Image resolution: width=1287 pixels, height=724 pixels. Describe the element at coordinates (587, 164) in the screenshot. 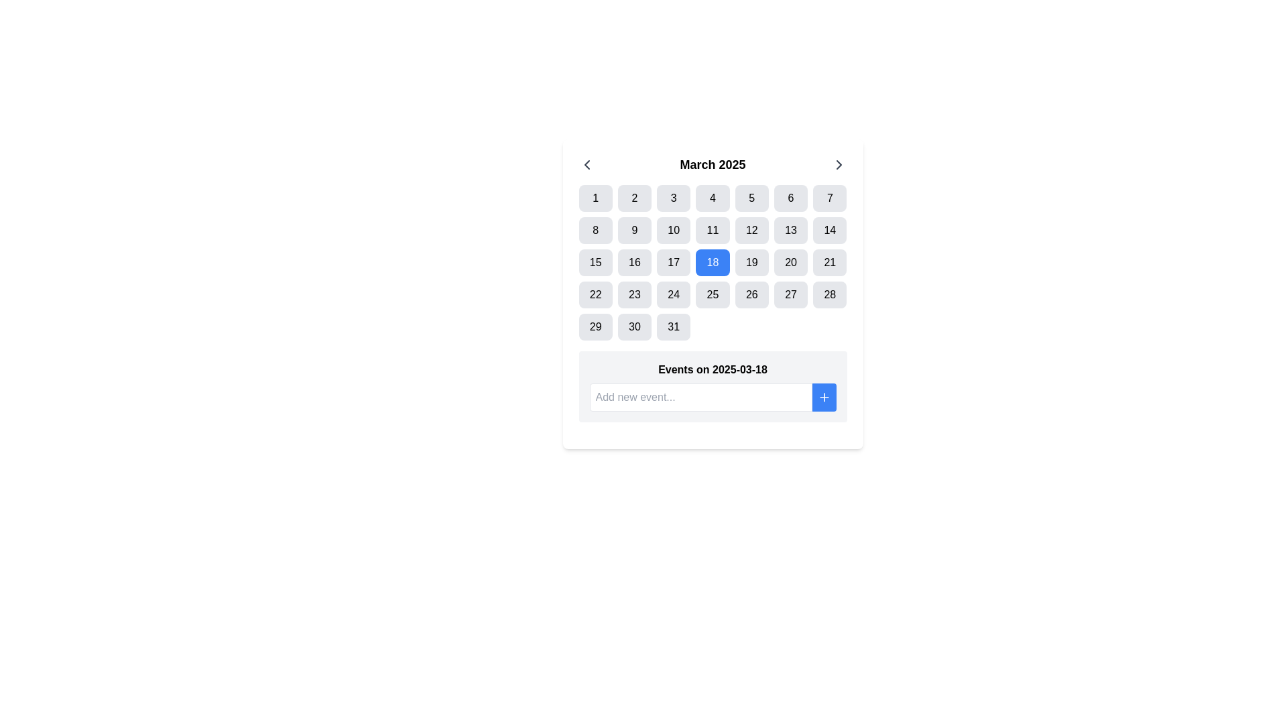

I see `the left-pointing chevron button located to the left of the 'March 2025' header` at that location.